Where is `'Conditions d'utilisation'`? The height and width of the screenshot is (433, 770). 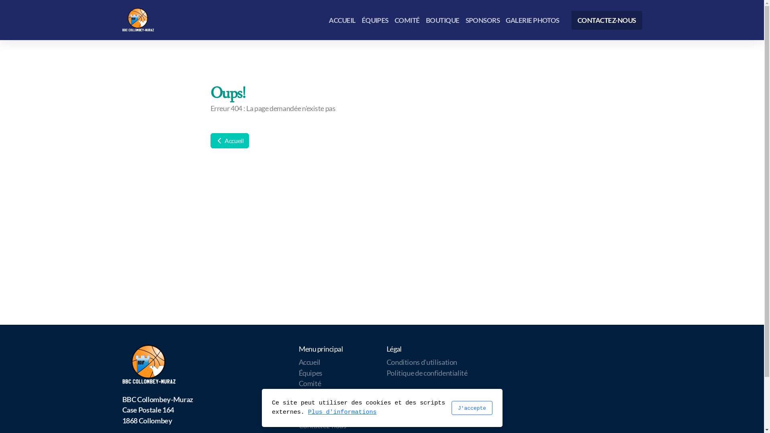 'Conditions d'utilisation' is located at coordinates (387, 362).